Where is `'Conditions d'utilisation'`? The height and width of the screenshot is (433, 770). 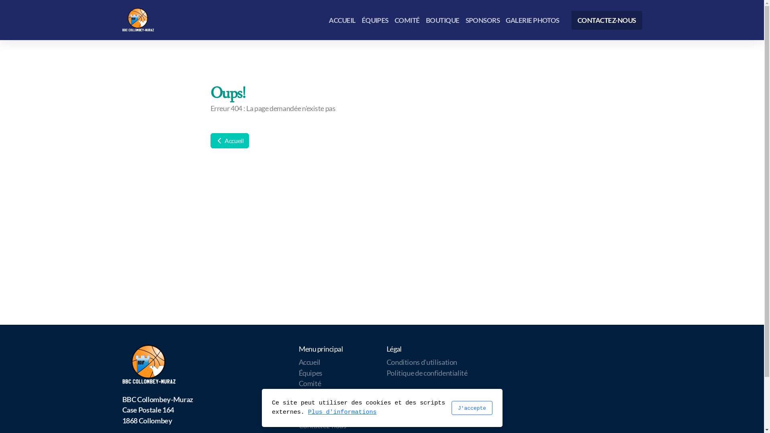 'Conditions d'utilisation' is located at coordinates (387, 362).